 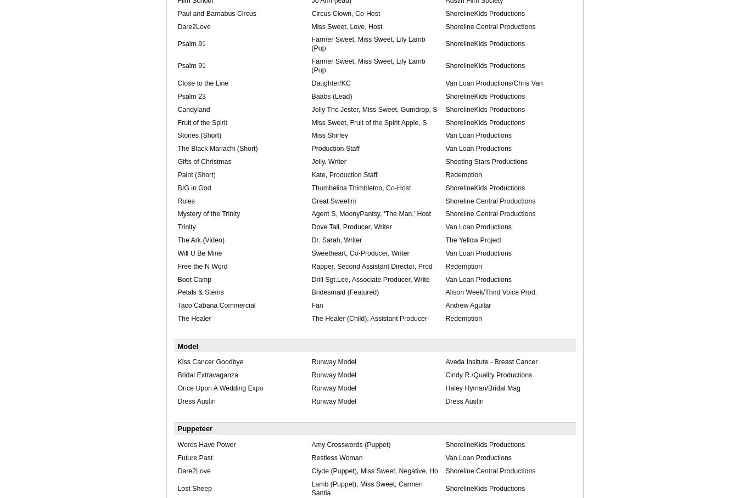 I want to click on 'Miss Shirley', so click(x=329, y=134).